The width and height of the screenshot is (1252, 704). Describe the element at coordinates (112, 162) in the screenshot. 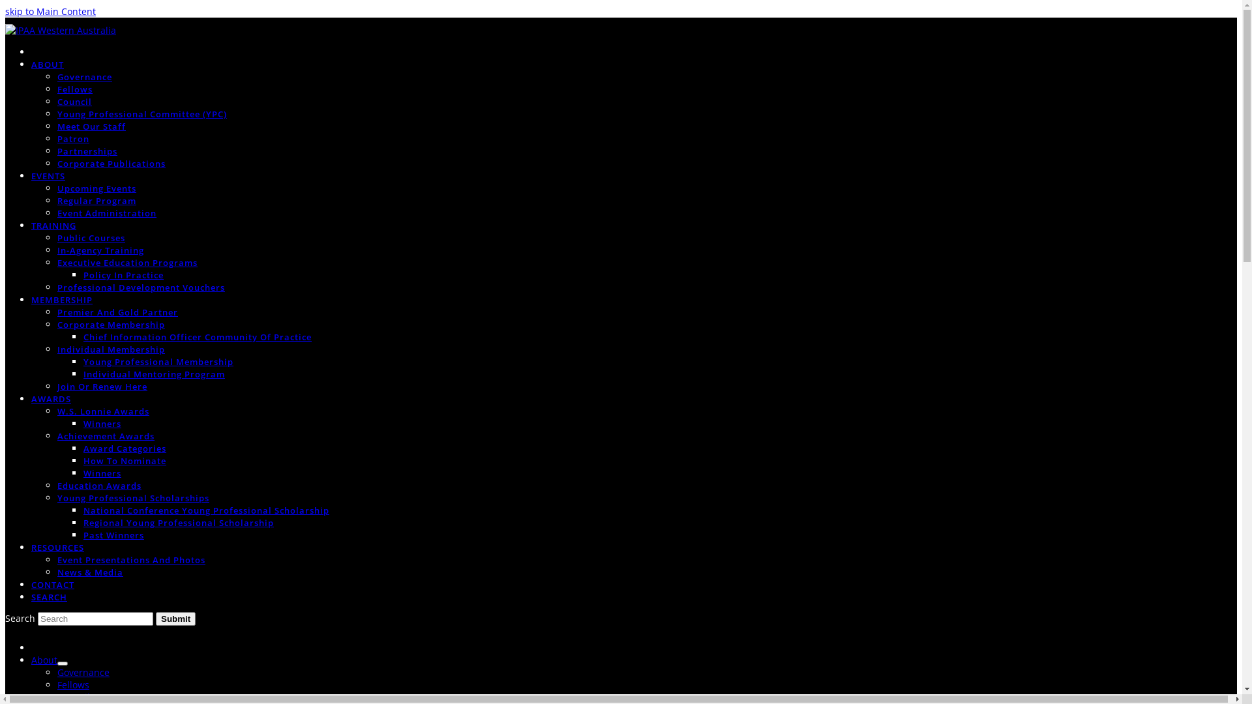

I see `'Corporate Publications'` at that location.